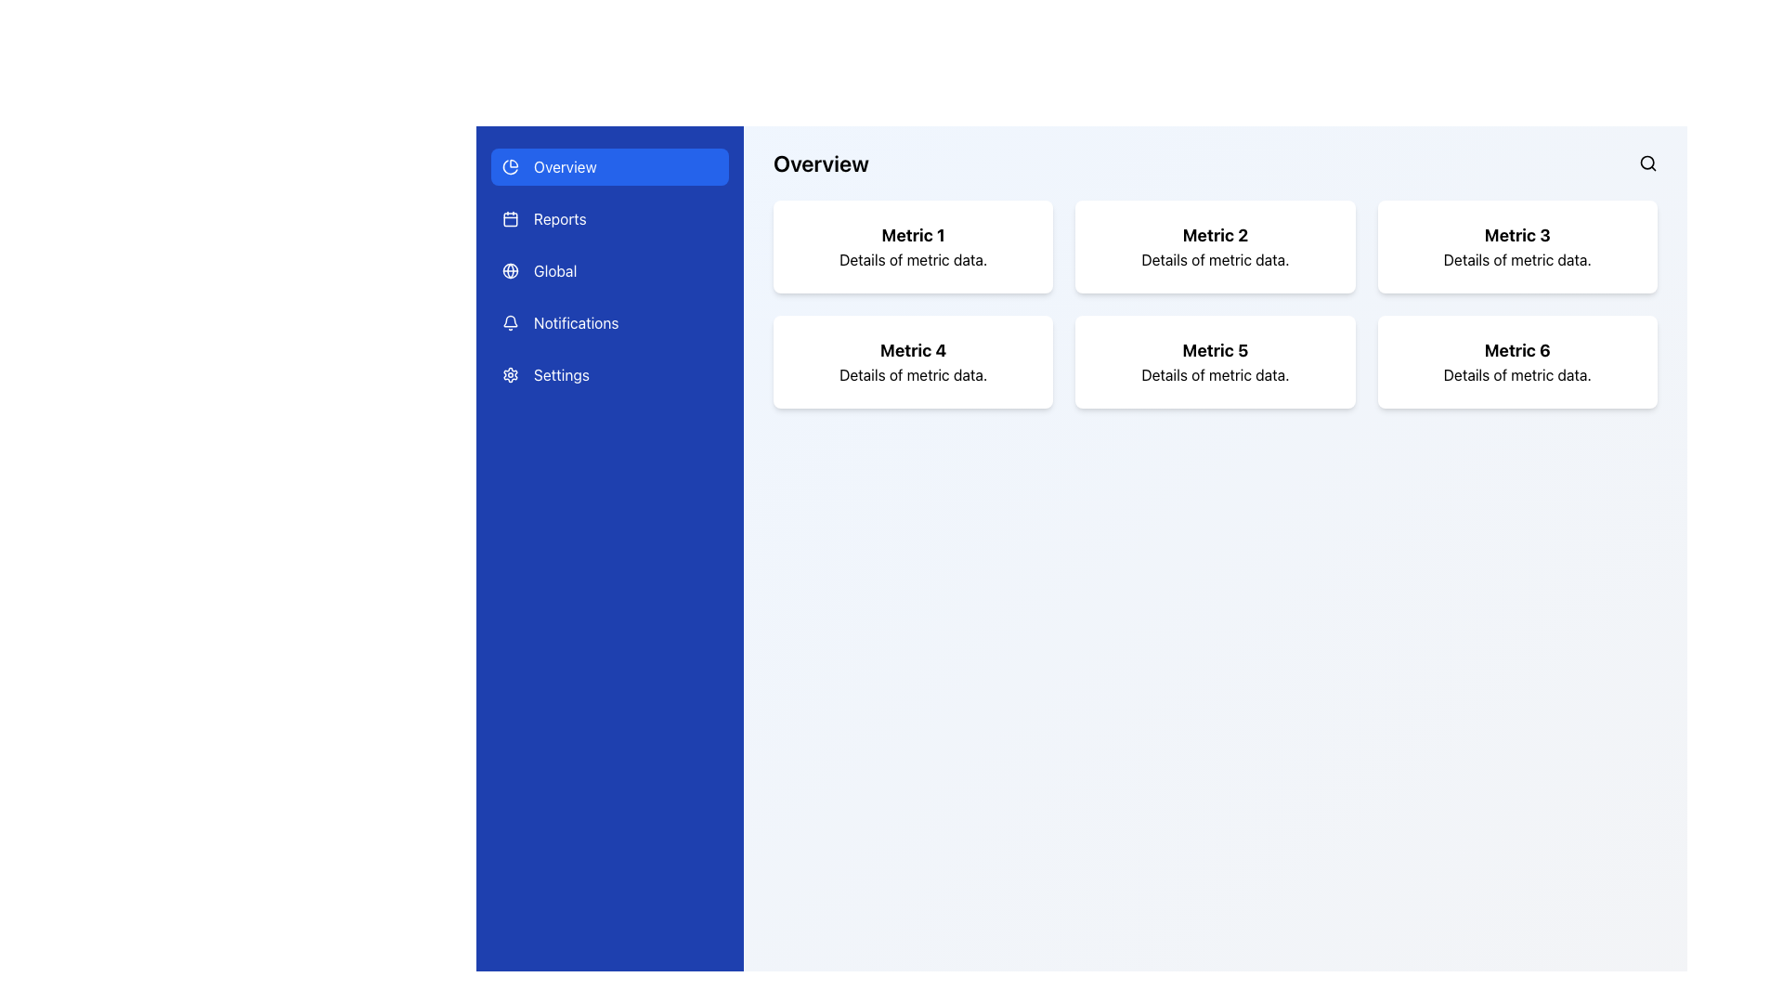 The width and height of the screenshot is (1783, 1003). I want to click on the text label that serves as the title of the third card in the second row of the grid, summarizing the metric associated with the card's content, so click(1216, 351).